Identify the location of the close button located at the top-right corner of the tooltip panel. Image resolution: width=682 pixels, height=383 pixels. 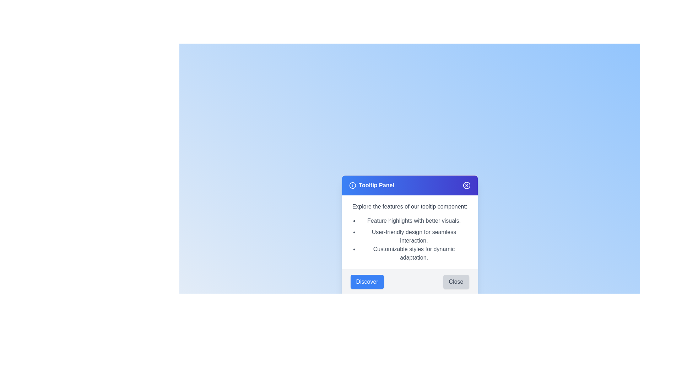
(466, 185).